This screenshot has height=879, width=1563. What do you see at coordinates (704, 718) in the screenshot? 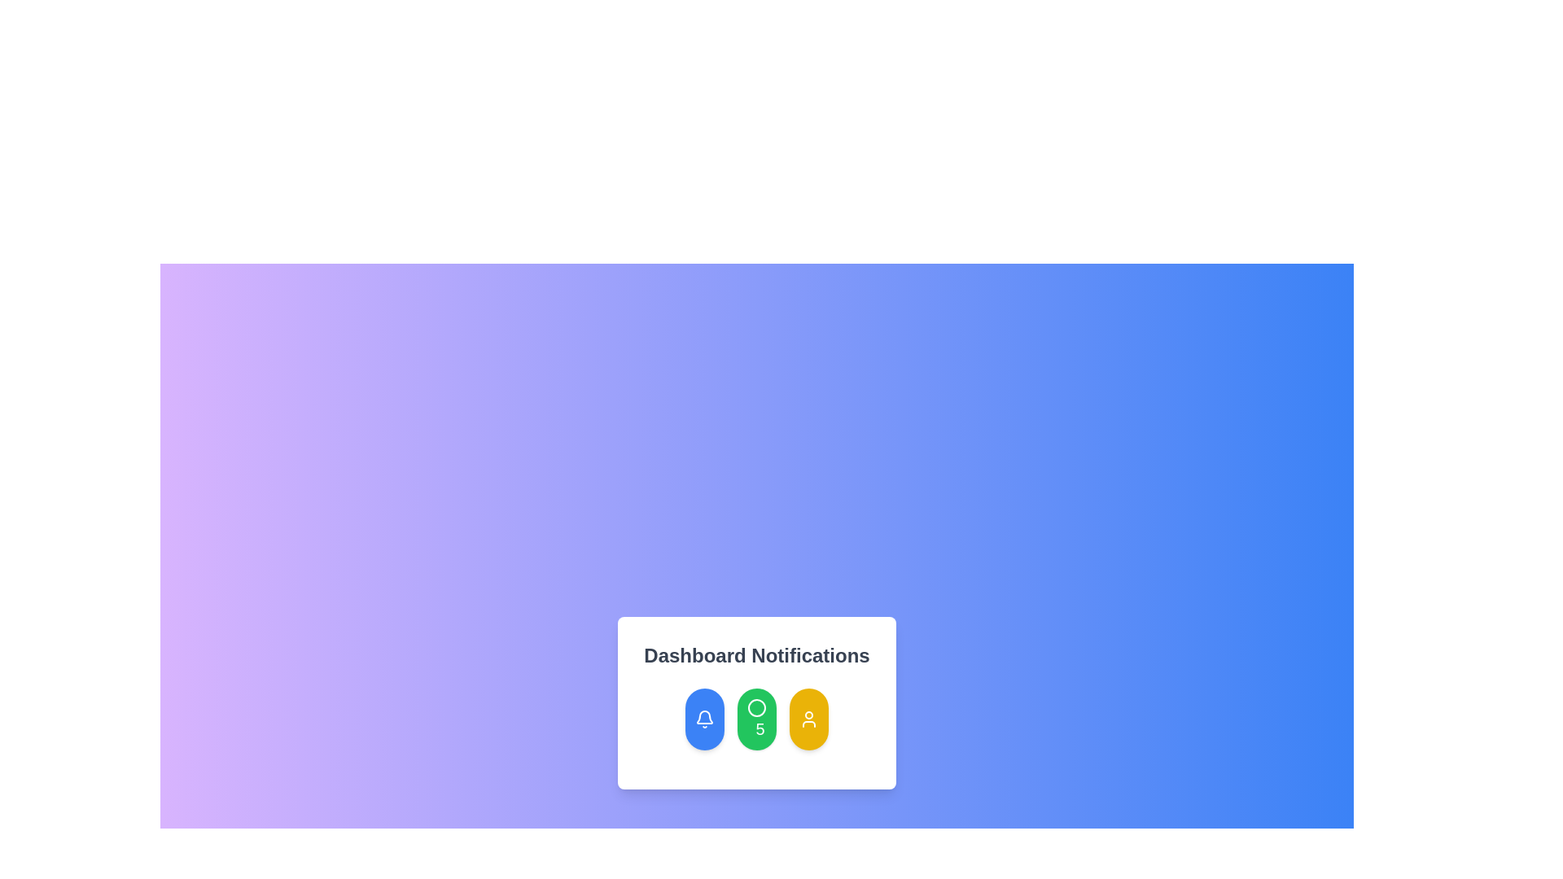
I see `the bell icon within the blue button located under the 'Dashboard Notifications' label` at bounding box center [704, 718].